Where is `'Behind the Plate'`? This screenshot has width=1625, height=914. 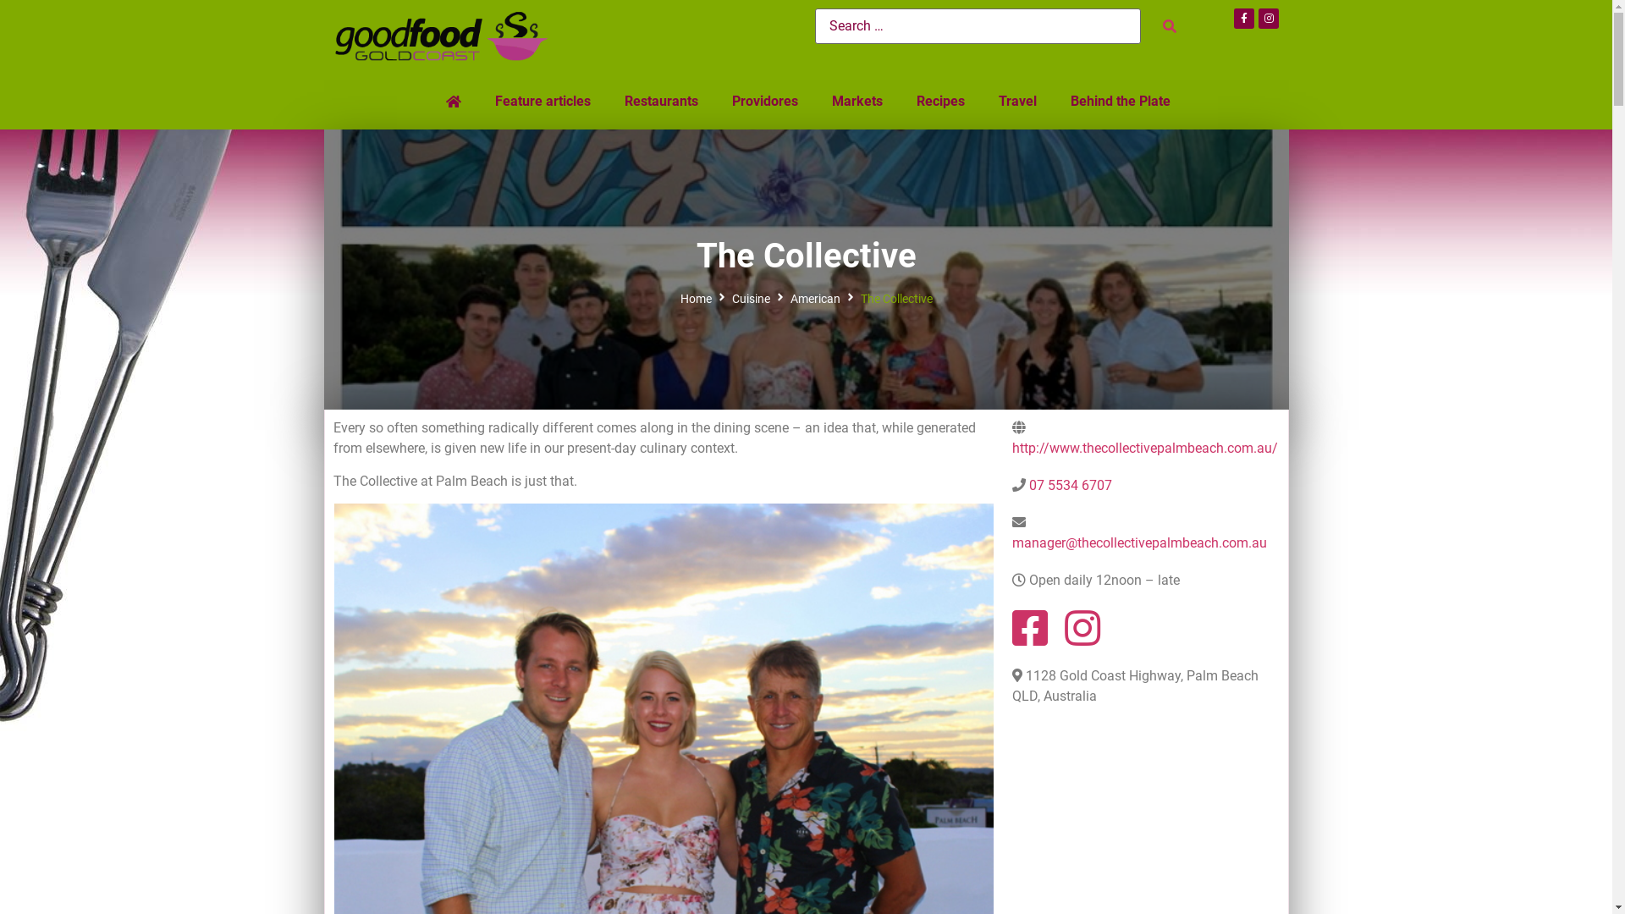 'Behind the Plate' is located at coordinates (1051, 101).